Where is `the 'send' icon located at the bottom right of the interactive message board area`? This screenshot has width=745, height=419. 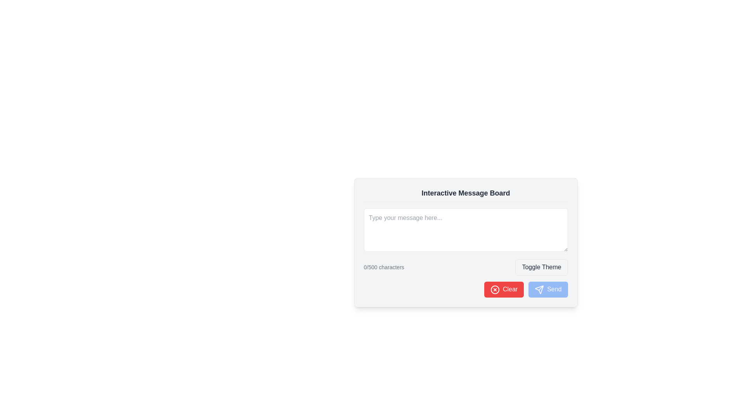 the 'send' icon located at the bottom right of the interactive message board area is located at coordinates (539, 289).